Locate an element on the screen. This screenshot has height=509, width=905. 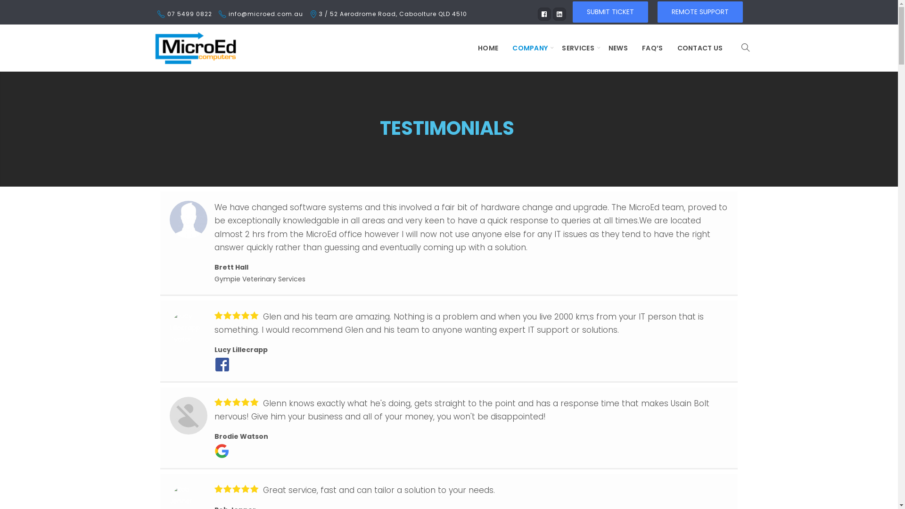
'NEWS' is located at coordinates (618, 48).